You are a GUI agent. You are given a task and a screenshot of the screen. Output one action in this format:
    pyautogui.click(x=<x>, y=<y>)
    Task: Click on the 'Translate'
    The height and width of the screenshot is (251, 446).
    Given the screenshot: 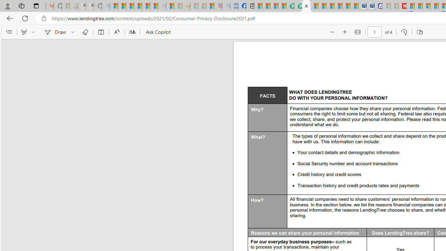 What is the action you would take?
    pyautogui.click(x=132, y=32)
    